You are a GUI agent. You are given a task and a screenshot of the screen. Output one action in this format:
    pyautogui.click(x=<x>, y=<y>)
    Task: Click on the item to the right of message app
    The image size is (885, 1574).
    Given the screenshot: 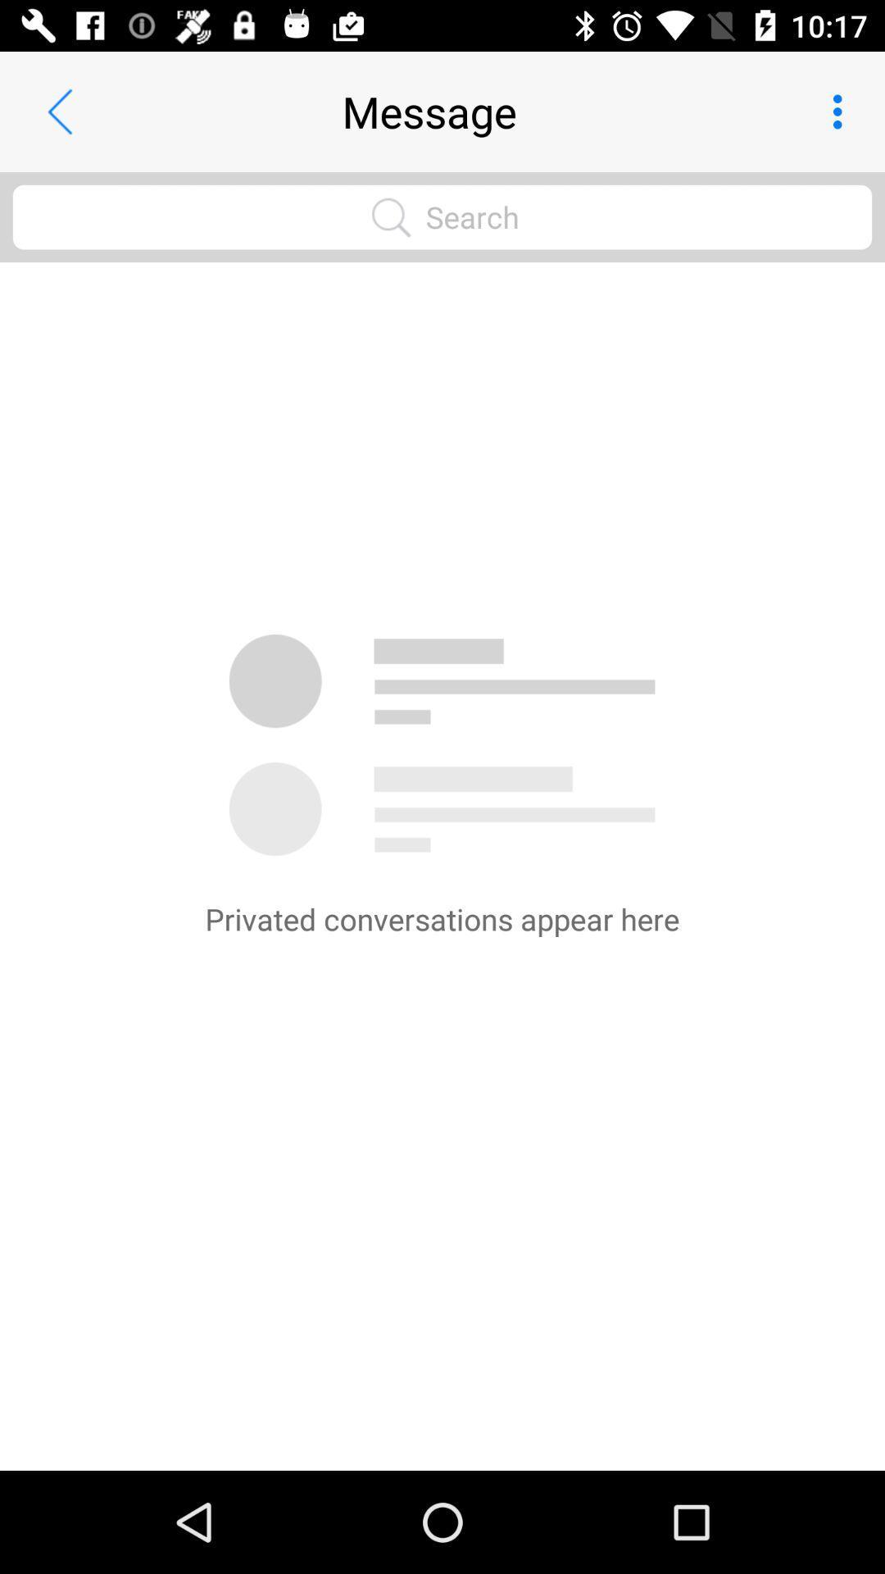 What is the action you would take?
    pyautogui.click(x=842, y=111)
    